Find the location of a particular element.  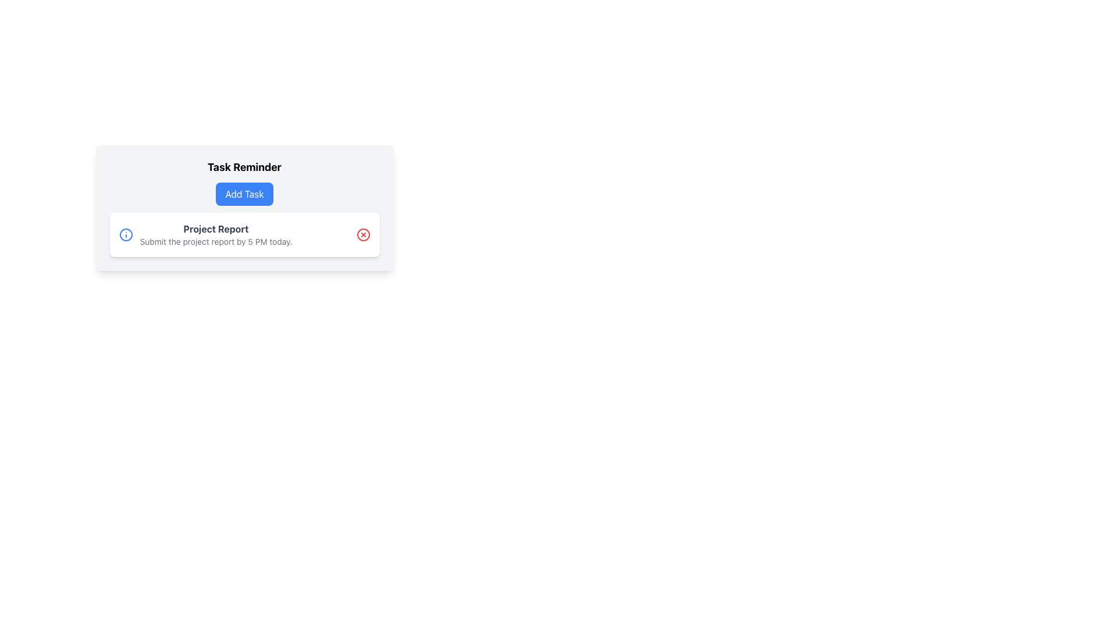

the 'Add Task' button with a blue background and white text is located at coordinates (244, 194).